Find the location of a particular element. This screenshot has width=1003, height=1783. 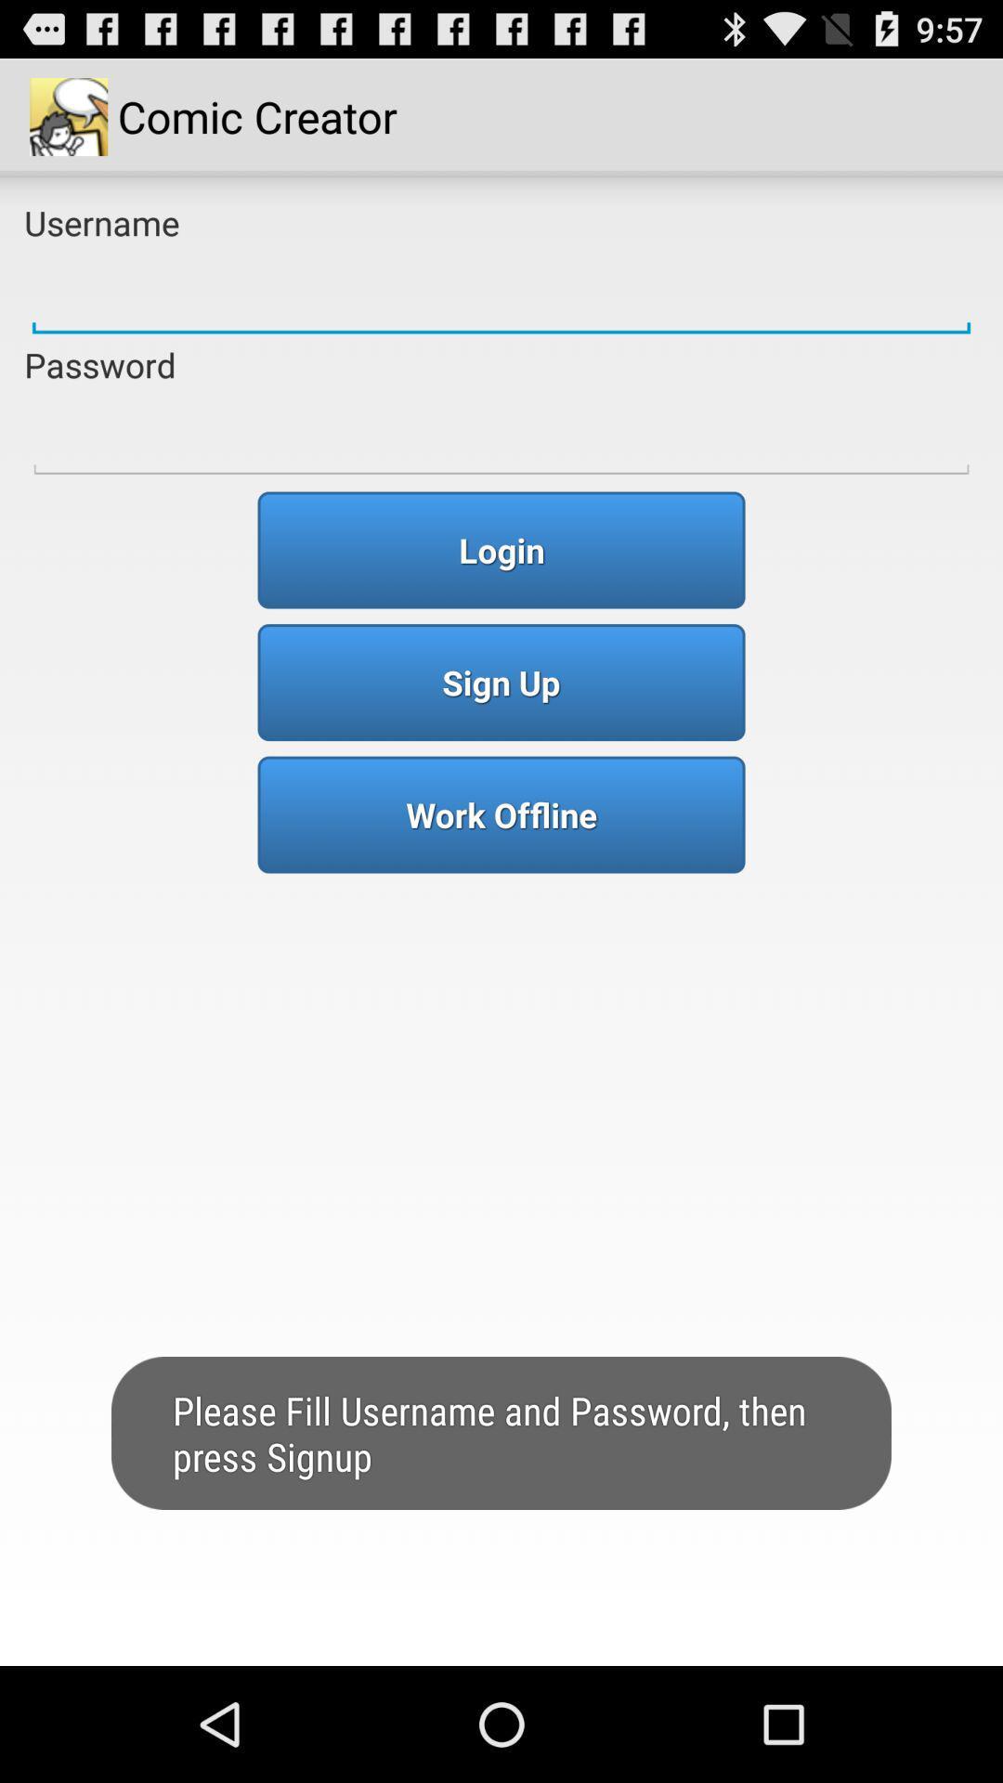

password is located at coordinates (501, 435).